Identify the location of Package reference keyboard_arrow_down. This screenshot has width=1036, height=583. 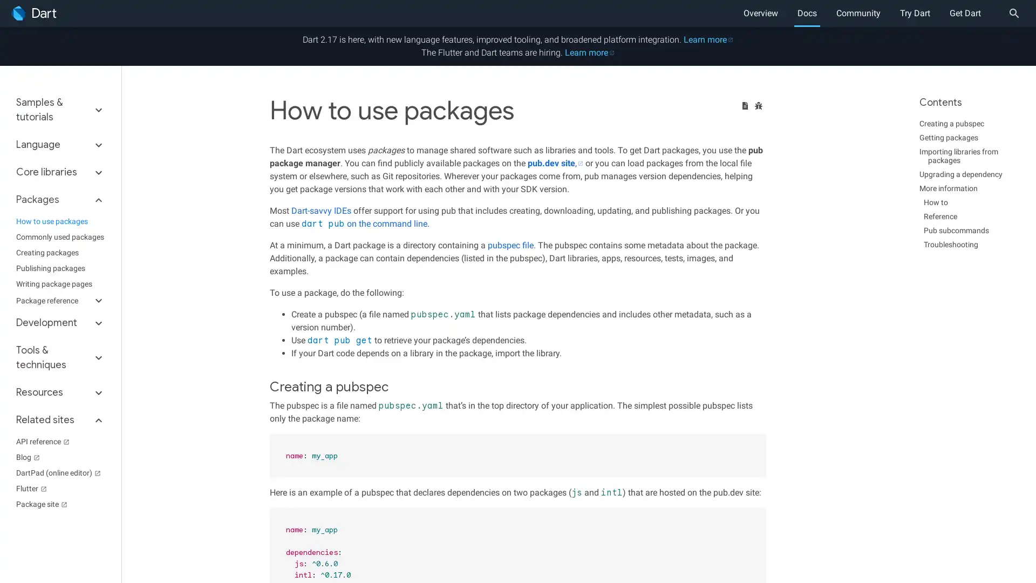
(60, 300).